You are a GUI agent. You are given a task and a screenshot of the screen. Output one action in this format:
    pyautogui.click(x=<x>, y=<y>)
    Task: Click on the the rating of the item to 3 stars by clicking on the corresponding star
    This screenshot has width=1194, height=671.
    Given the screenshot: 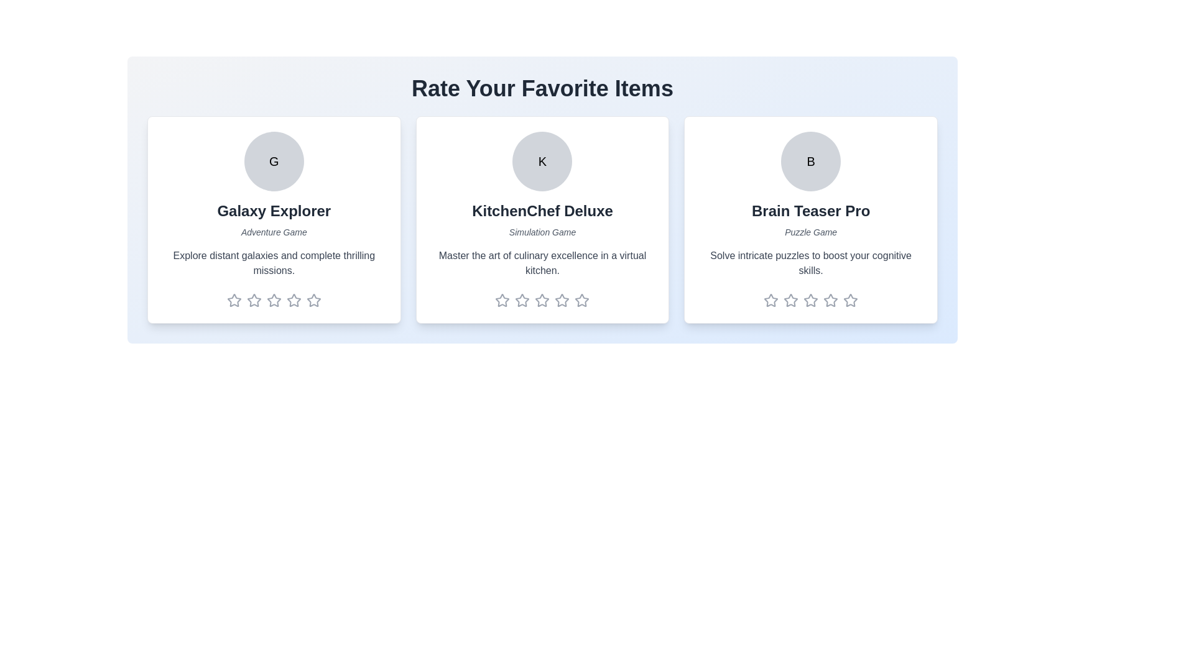 What is the action you would take?
    pyautogui.click(x=273, y=300)
    